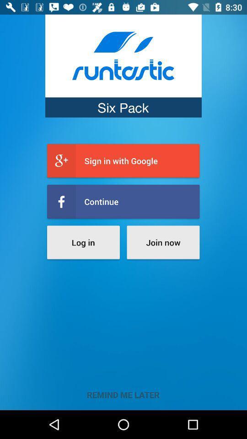 This screenshot has width=247, height=439. Describe the element at coordinates (83, 242) in the screenshot. I see `item next to join now` at that location.